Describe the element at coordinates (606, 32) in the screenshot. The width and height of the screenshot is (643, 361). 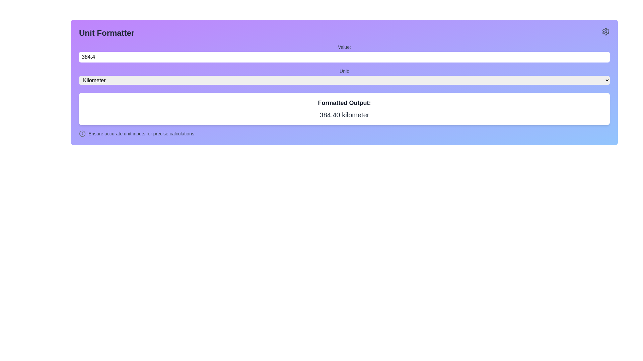
I see `the settings button located at the right end of the 'Unit Formatter' header` at that location.